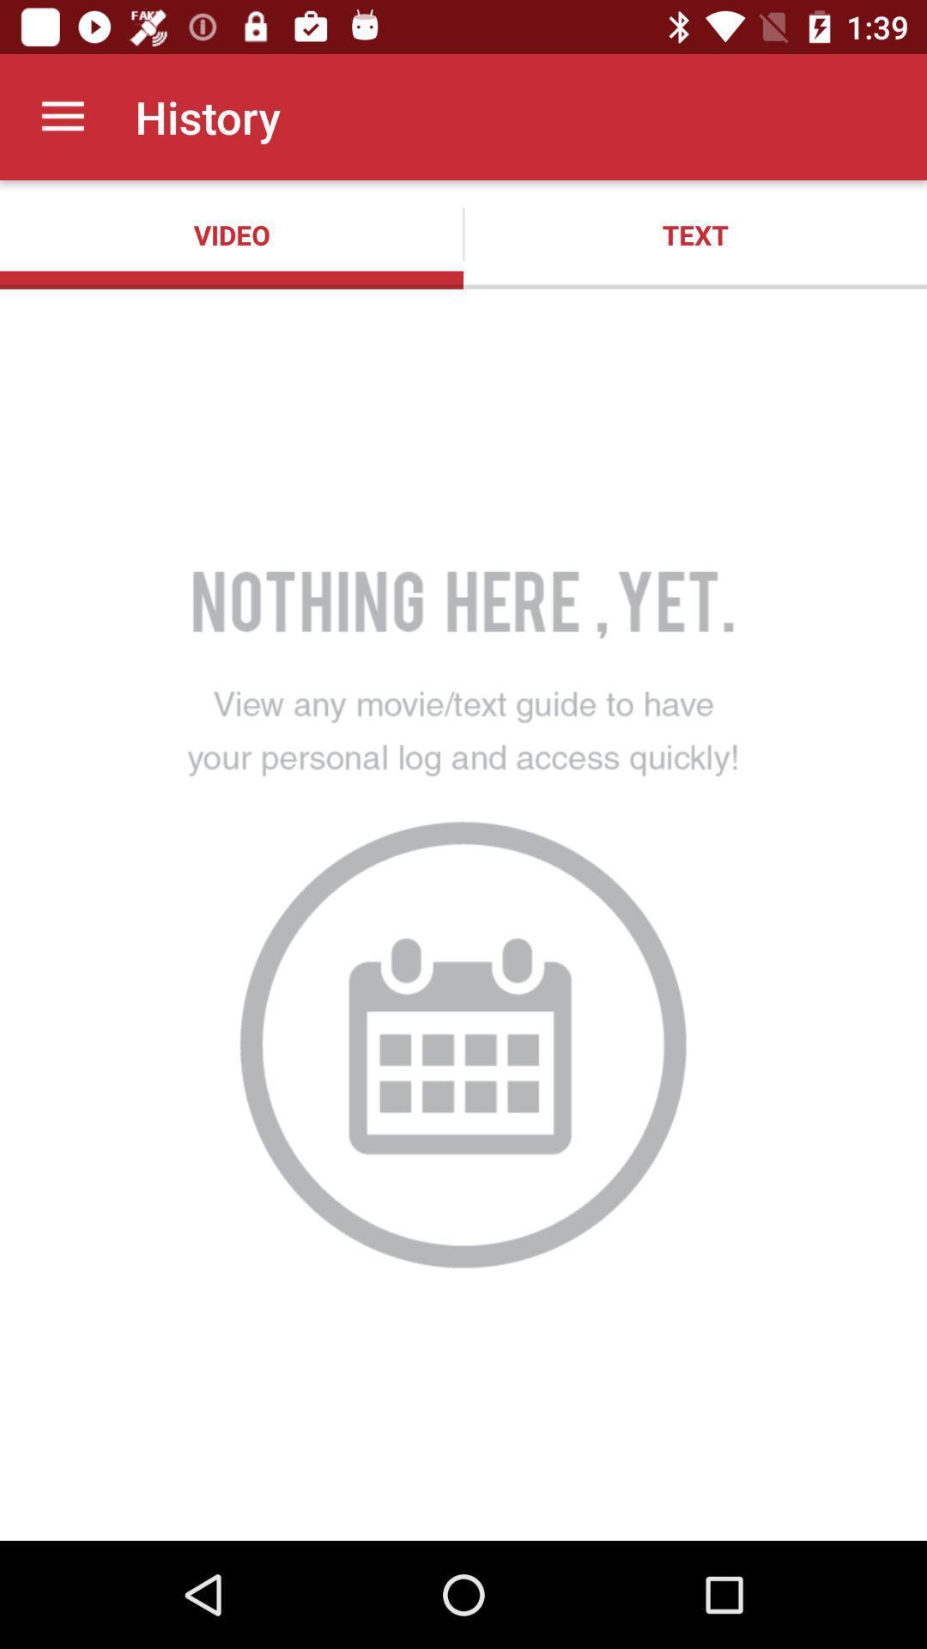 The image size is (927, 1649). What do you see at coordinates (62, 116) in the screenshot?
I see `the icon next to history item` at bounding box center [62, 116].